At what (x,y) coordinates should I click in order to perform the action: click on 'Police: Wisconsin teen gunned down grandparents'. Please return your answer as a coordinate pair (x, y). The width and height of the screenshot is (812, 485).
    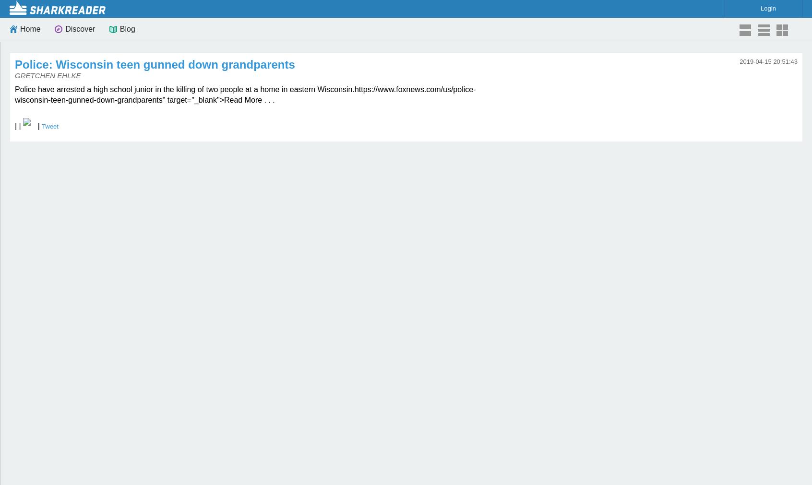
    Looking at the image, I should click on (154, 64).